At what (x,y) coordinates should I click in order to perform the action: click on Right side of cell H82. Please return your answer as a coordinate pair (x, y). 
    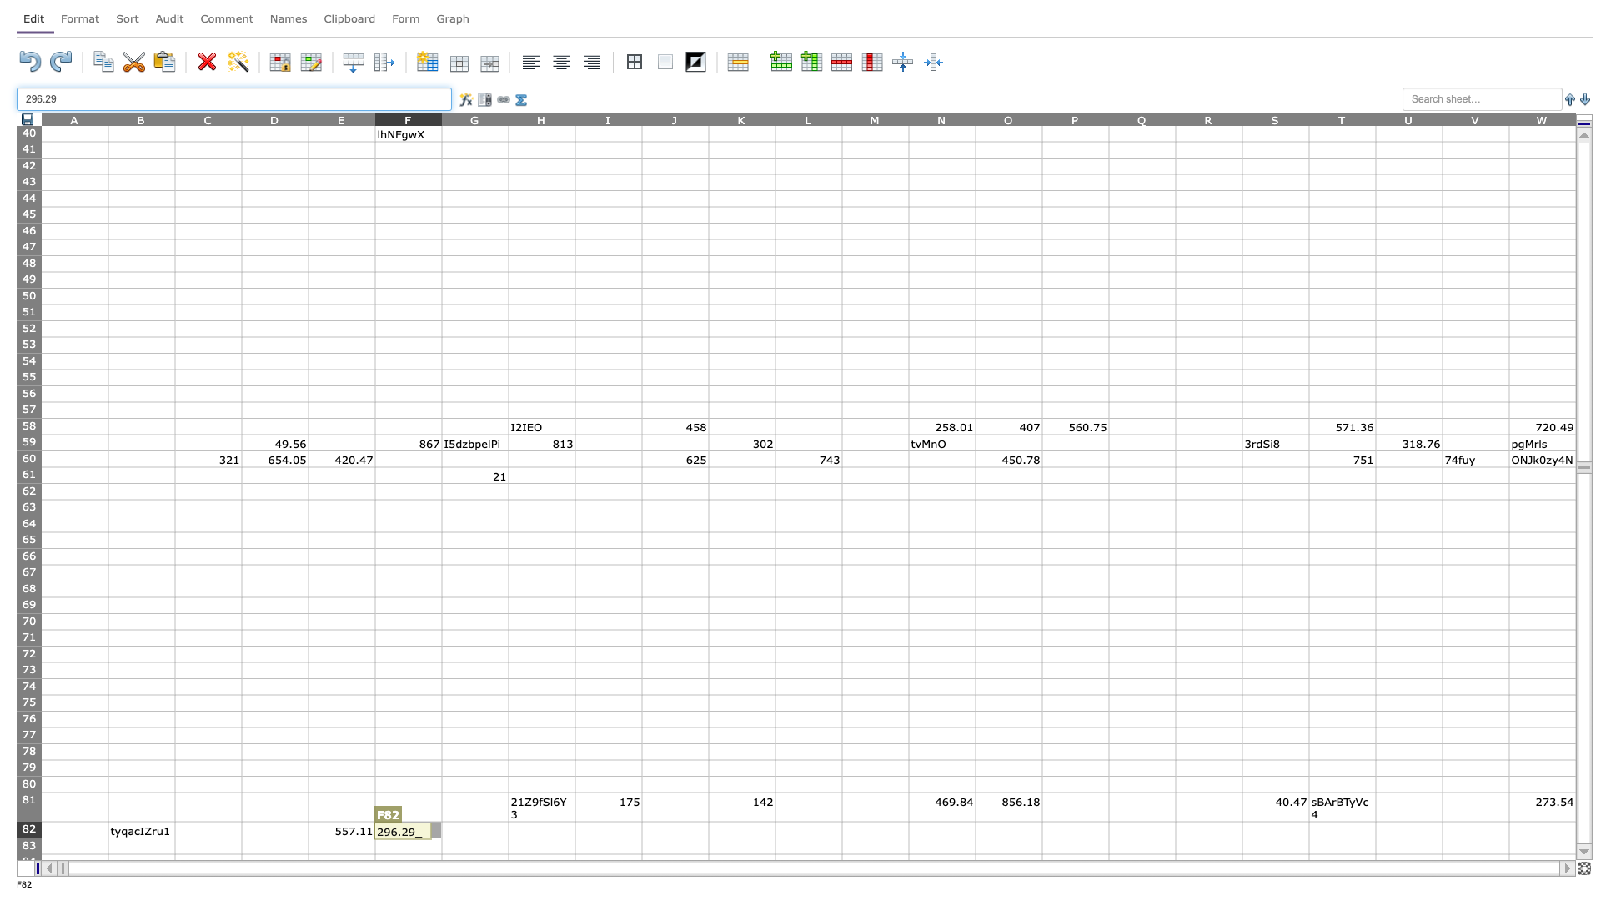
    Looking at the image, I should click on (575, 829).